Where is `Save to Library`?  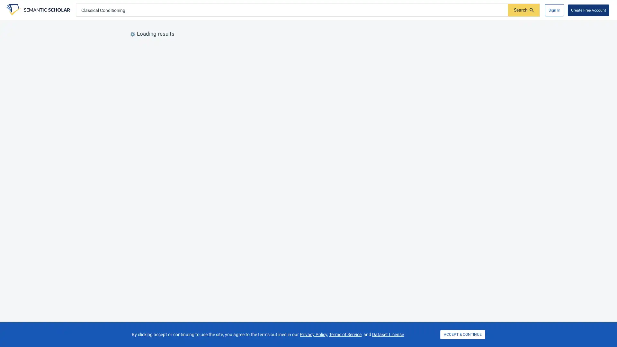 Save to Library is located at coordinates (176, 286).